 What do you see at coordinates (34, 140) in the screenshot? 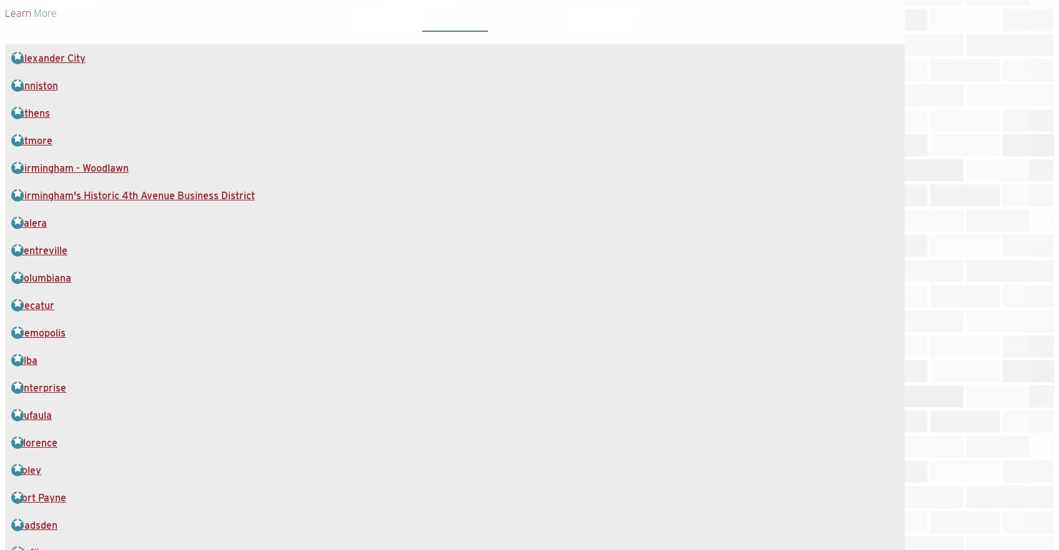
I see `'Atmore'` at bounding box center [34, 140].